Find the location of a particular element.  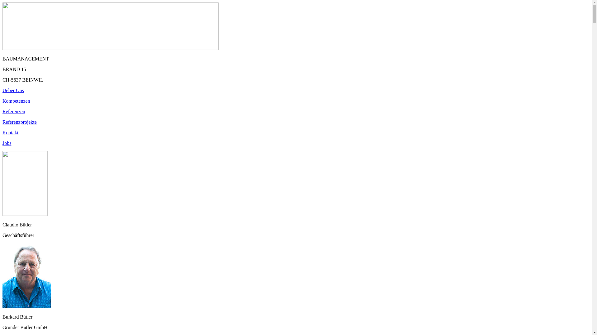

'Ueber Uns' is located at coordinates (2, 91).